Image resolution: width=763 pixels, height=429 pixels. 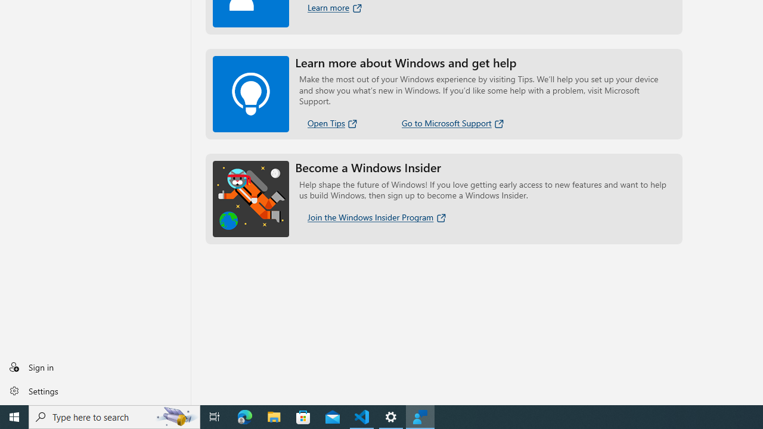 I want to click on 'File Explorer', so click(x=274, y=416).